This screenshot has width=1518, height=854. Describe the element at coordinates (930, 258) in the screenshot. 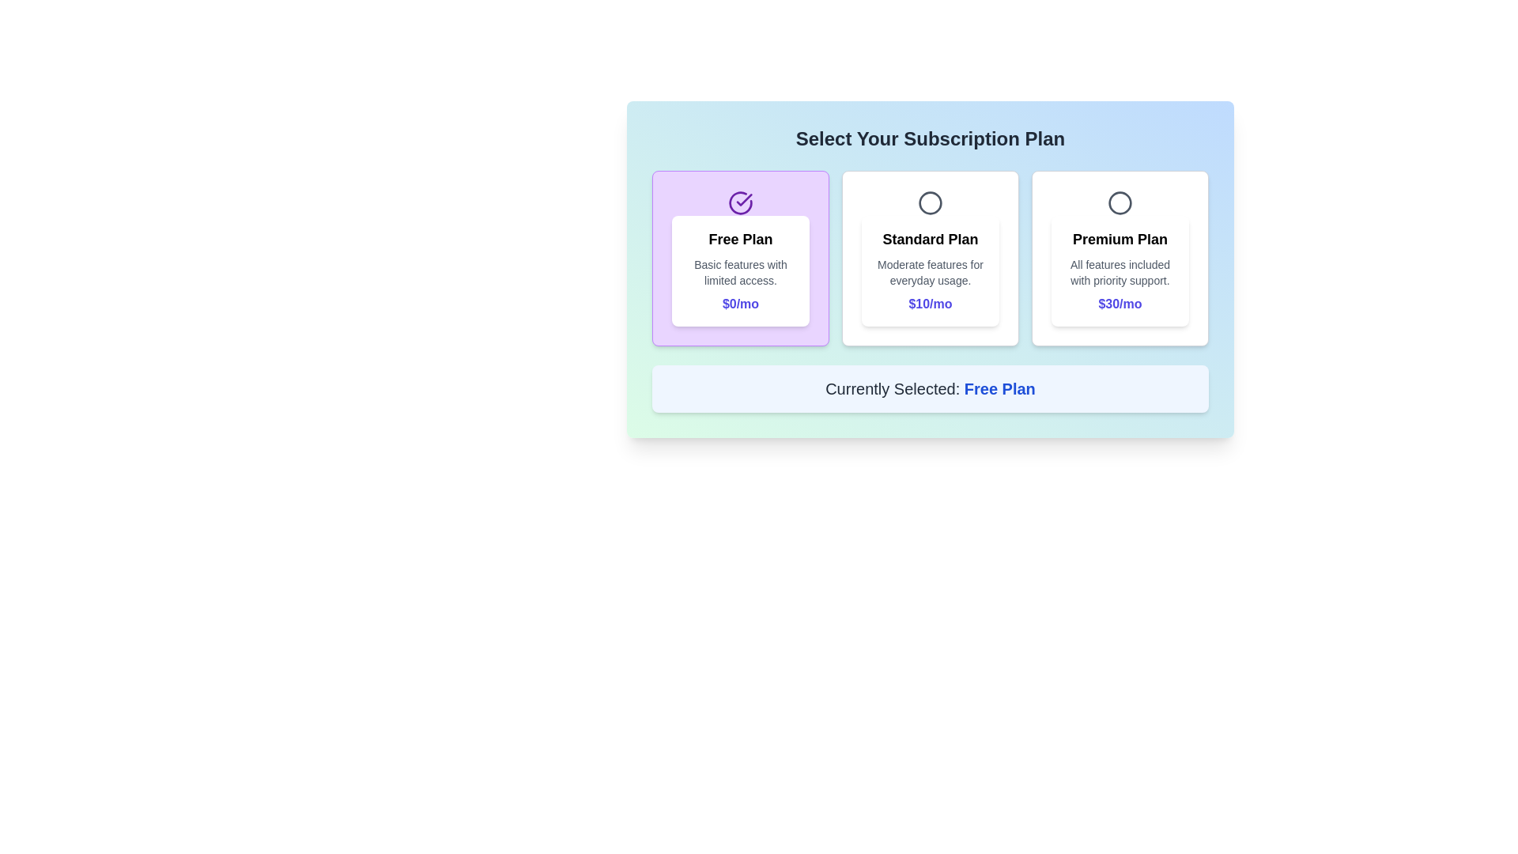

I see `keyboard navigation` at that location.